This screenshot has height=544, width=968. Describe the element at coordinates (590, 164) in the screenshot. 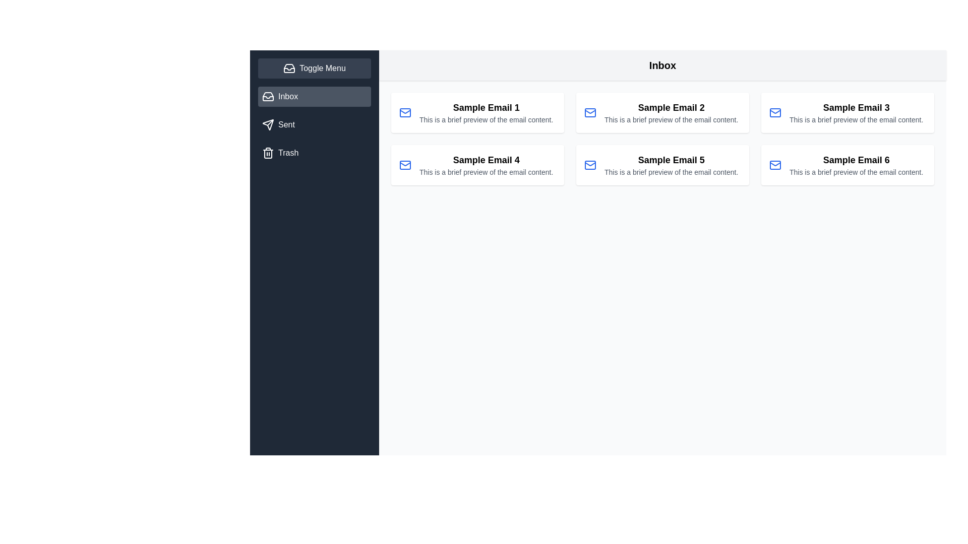

I see `the decorative shape within the envelope icon of the 'Sample Email 5' card in the 'Inbox' grid layout` at that location.